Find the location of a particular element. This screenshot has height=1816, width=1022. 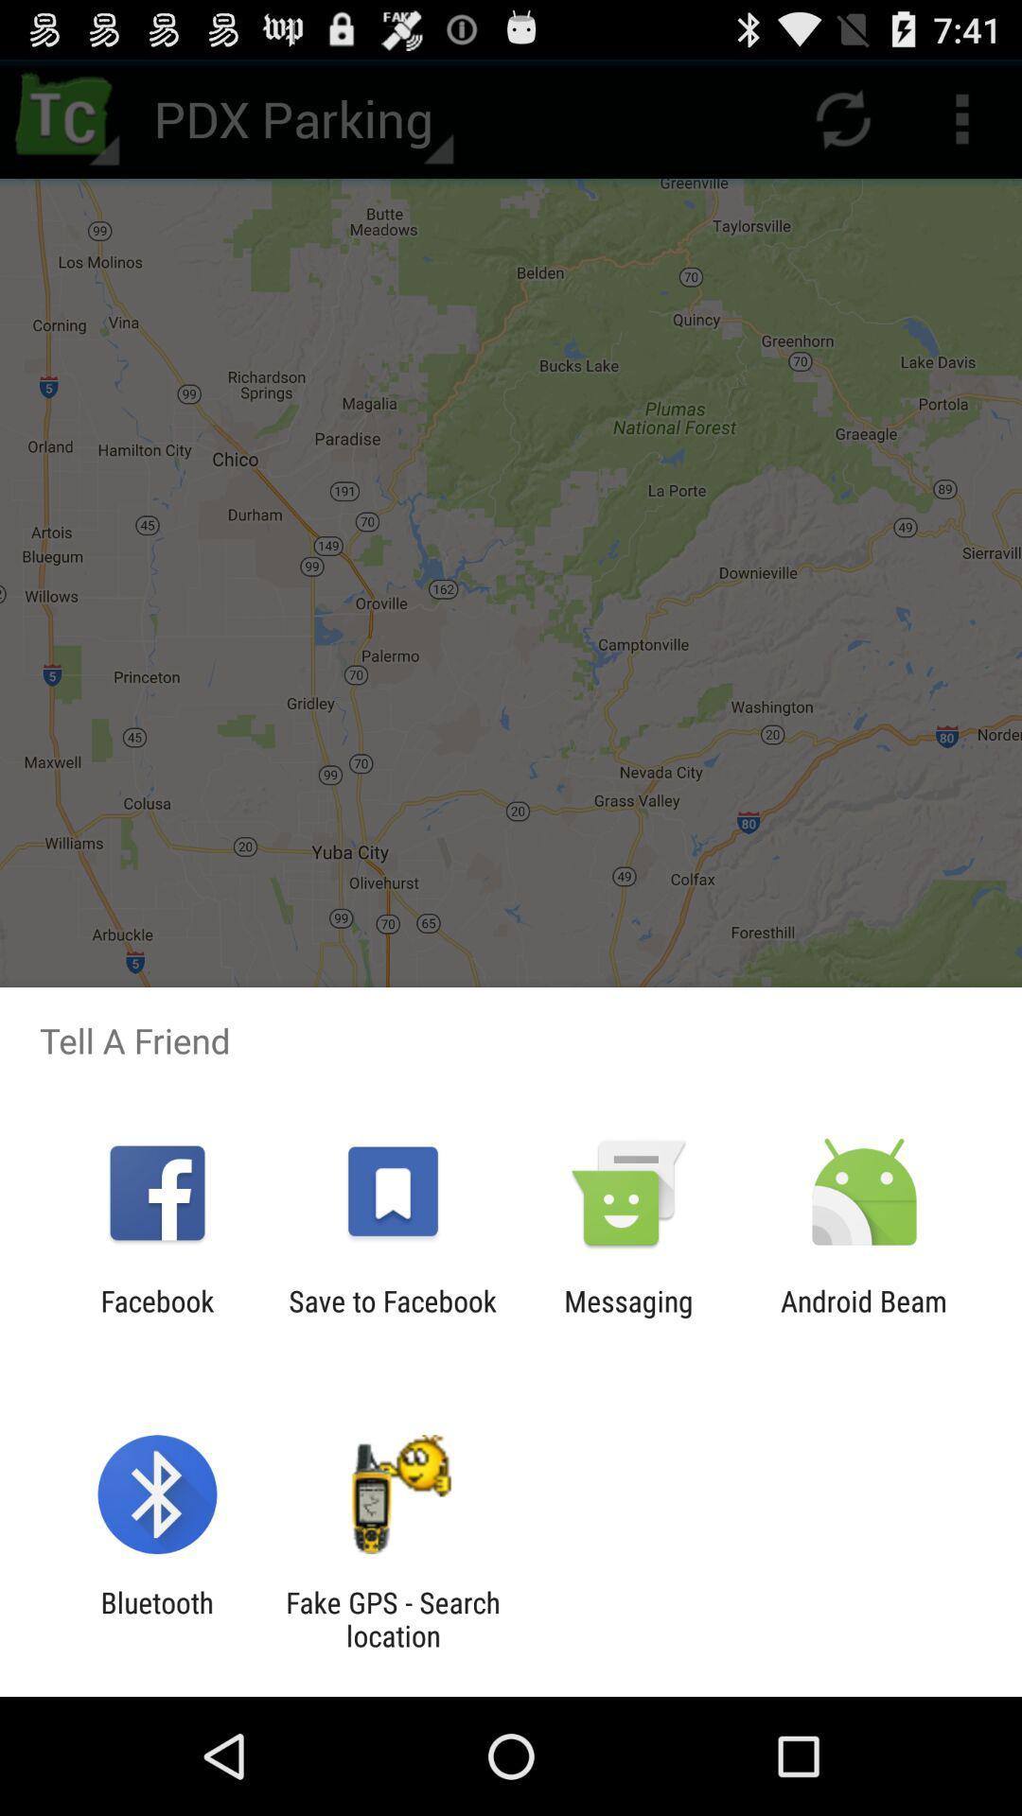

android beam item is located at coordinates (864, 1317).